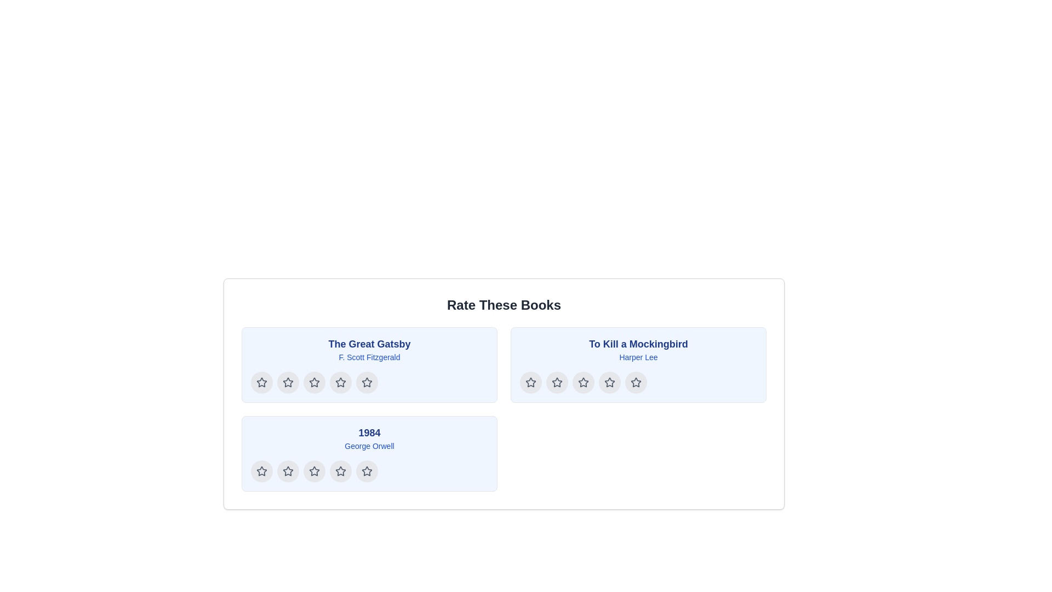 The height and width of the screenshot is (592, 1052). I want to click on the fourth rating star for the book 'The Great Gatsby' to select a rating, so click(367, 382).